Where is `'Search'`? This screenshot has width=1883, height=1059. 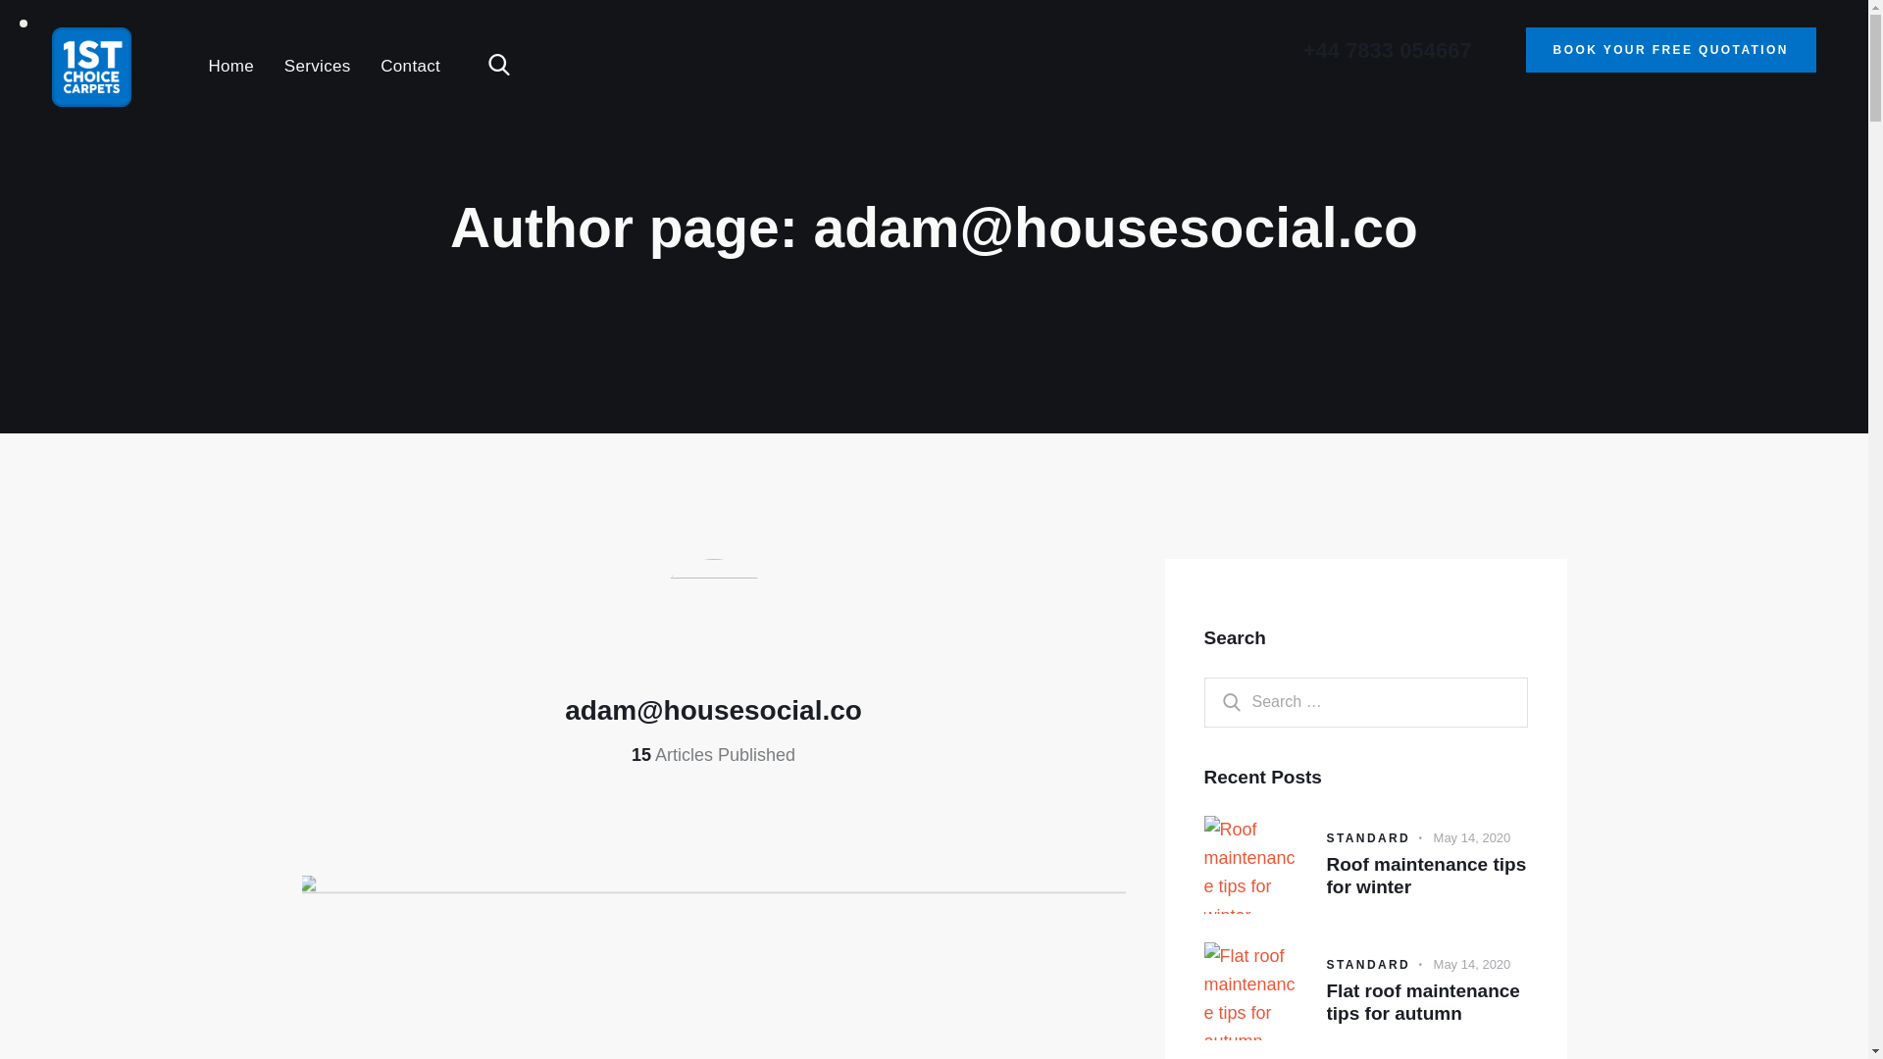
'Search' is located at coordinates (1203, 701).